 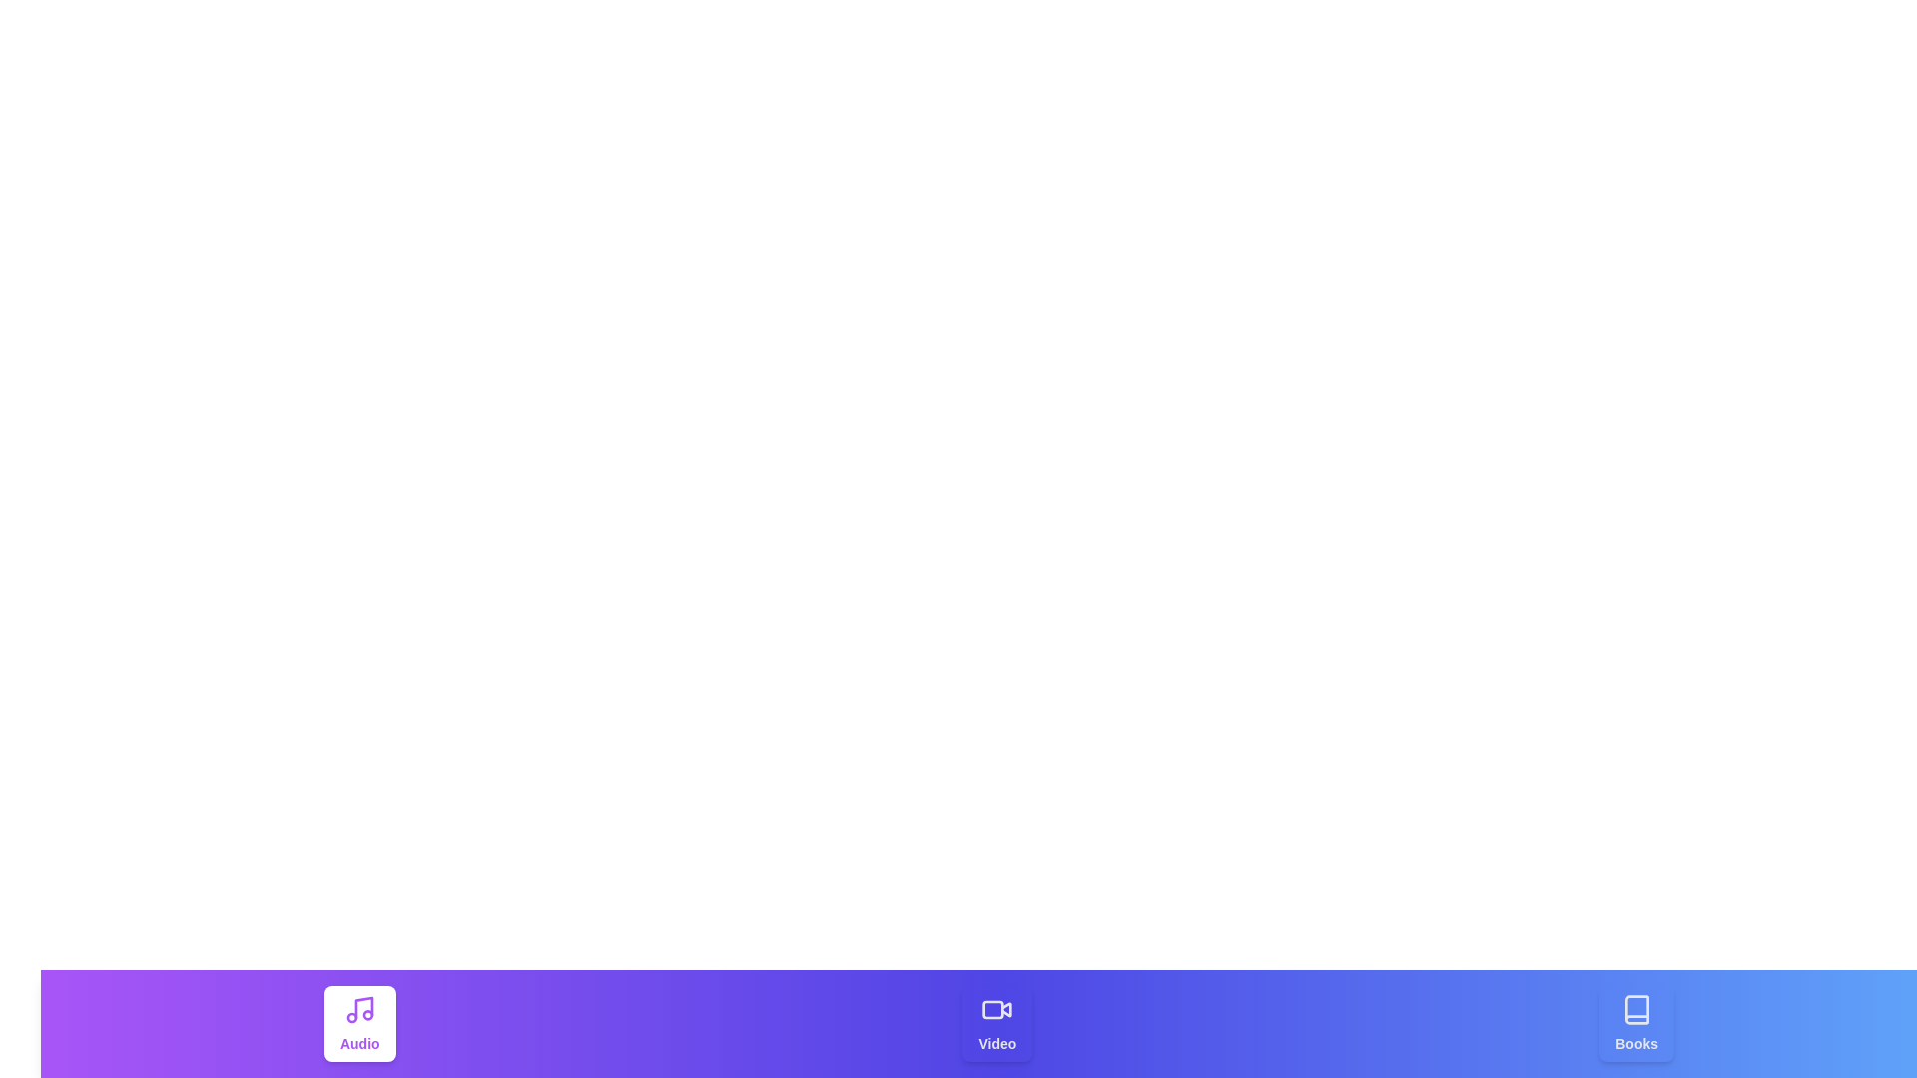 What do you see at coordinates (997, 1024) in the screenshot?
I see `the 'Video' tab to select it` at bounding box center [997, 1024].